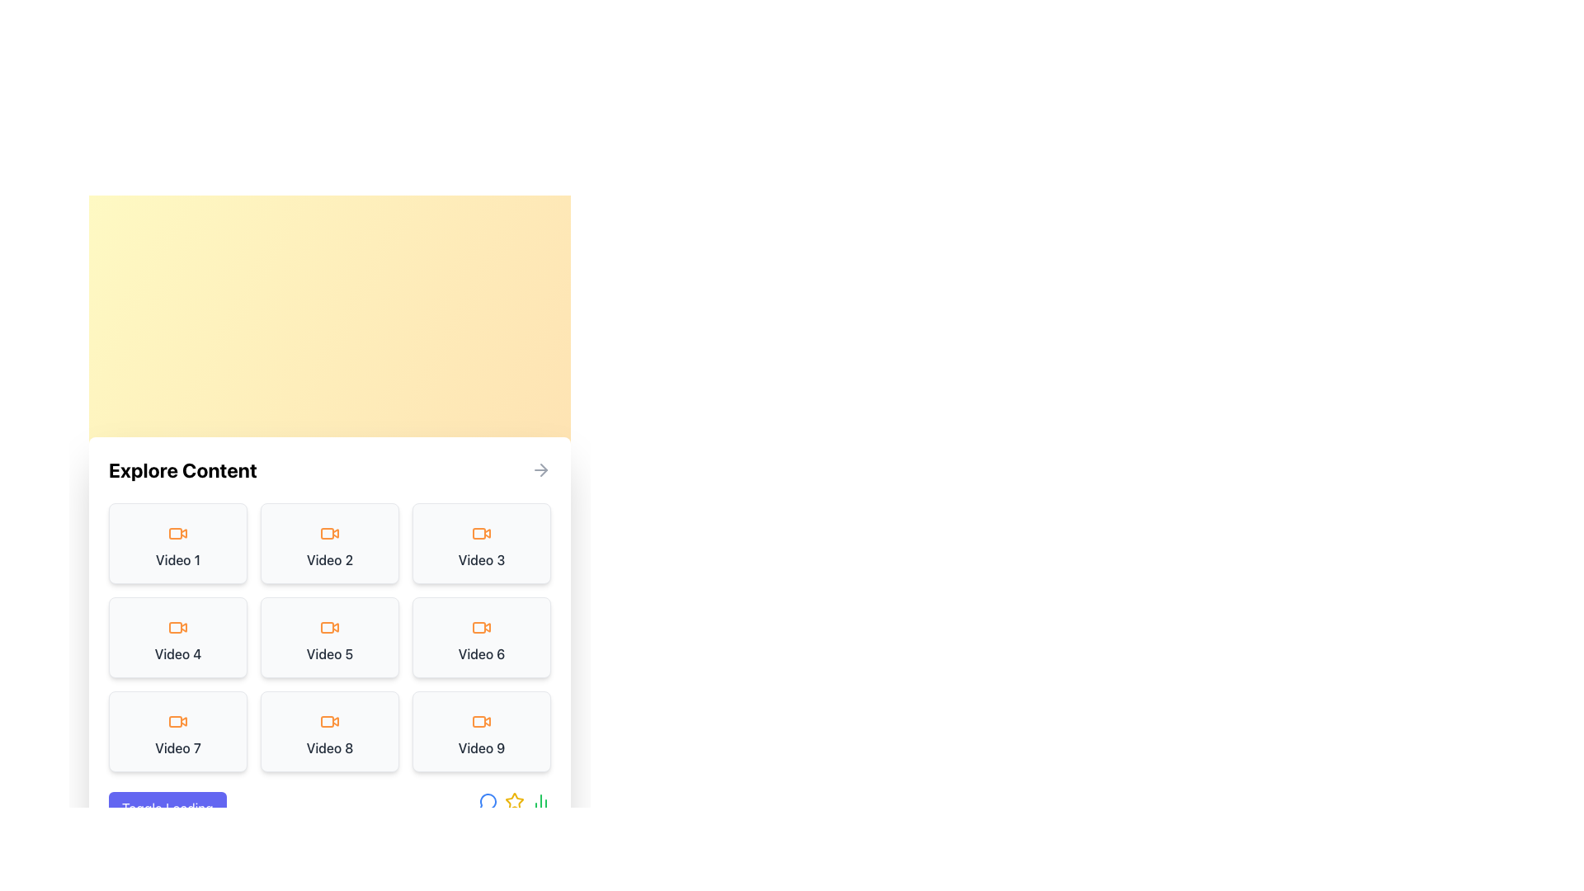 This screenshot has height=891, width=1584. I want to click on the clickable card representing 'Video 4' in the grid layout, so click(178, 636).